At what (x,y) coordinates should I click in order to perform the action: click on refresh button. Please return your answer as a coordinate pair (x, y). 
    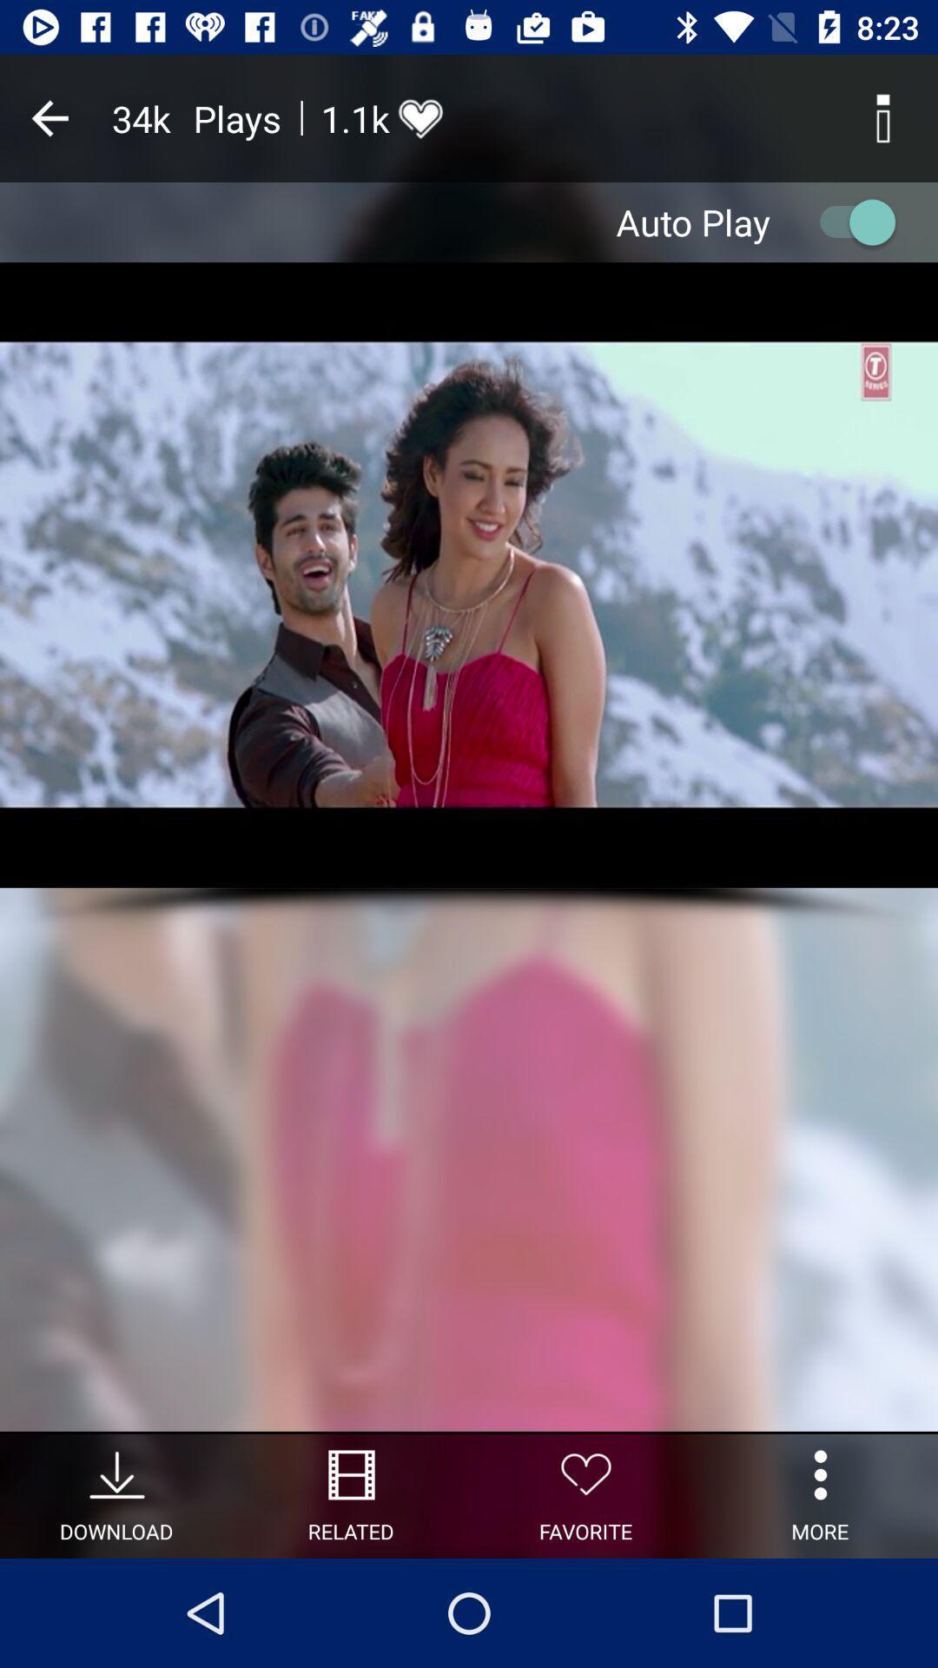
    Looking at the image, I should click on (849, 221).